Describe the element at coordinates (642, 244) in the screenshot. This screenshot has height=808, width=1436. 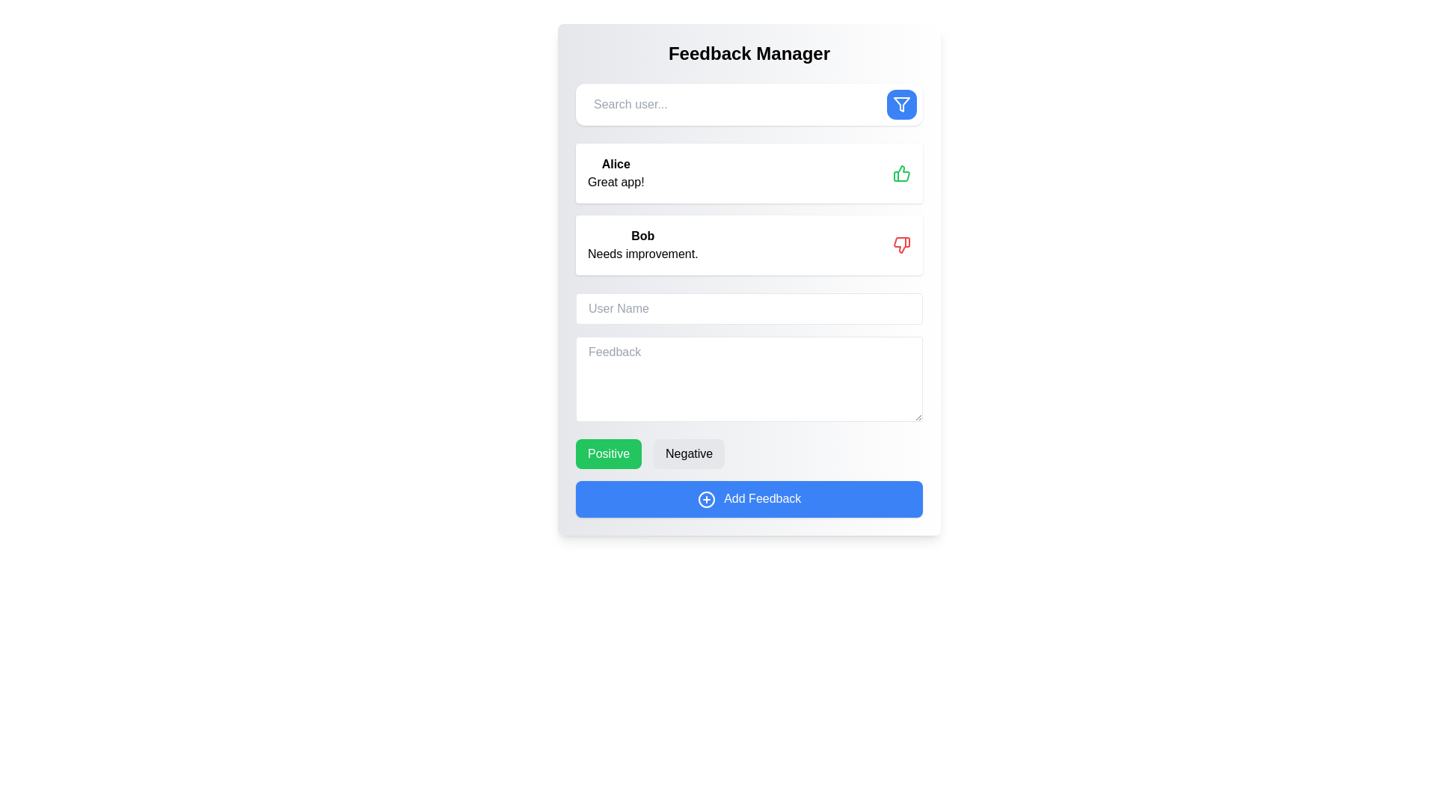
I see `the Text Display element that contains the text 'Bob' and 'Needs improvement.'` at that location.